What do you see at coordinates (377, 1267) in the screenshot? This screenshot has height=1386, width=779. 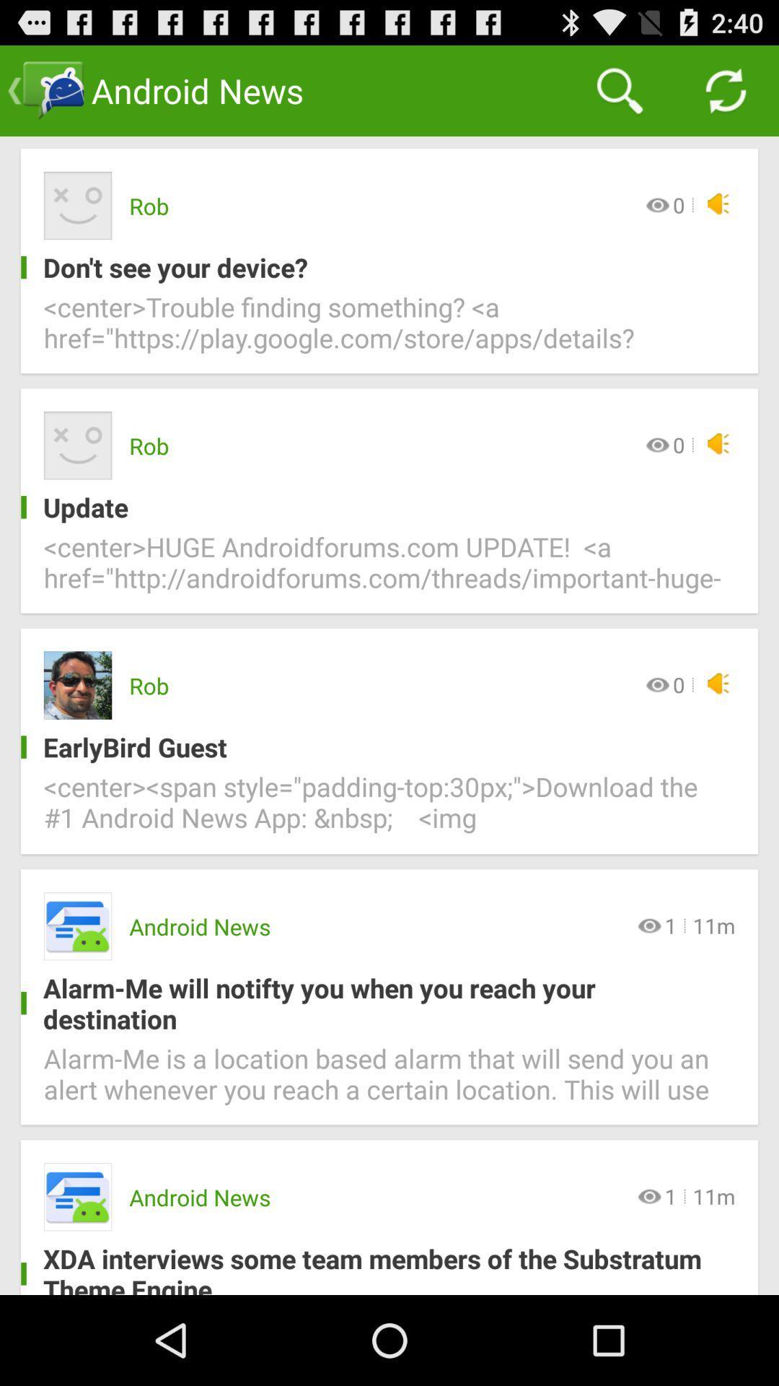 I see `xda interviews some item` at bounding box center [377, 1267].